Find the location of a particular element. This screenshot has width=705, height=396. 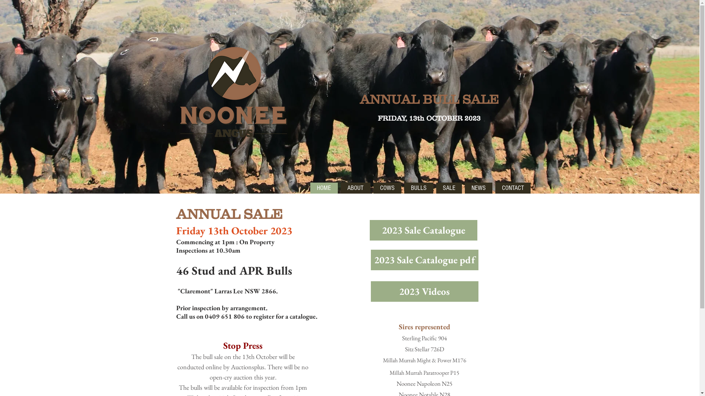

'CONTACT' is located at coordinates (512, 188).